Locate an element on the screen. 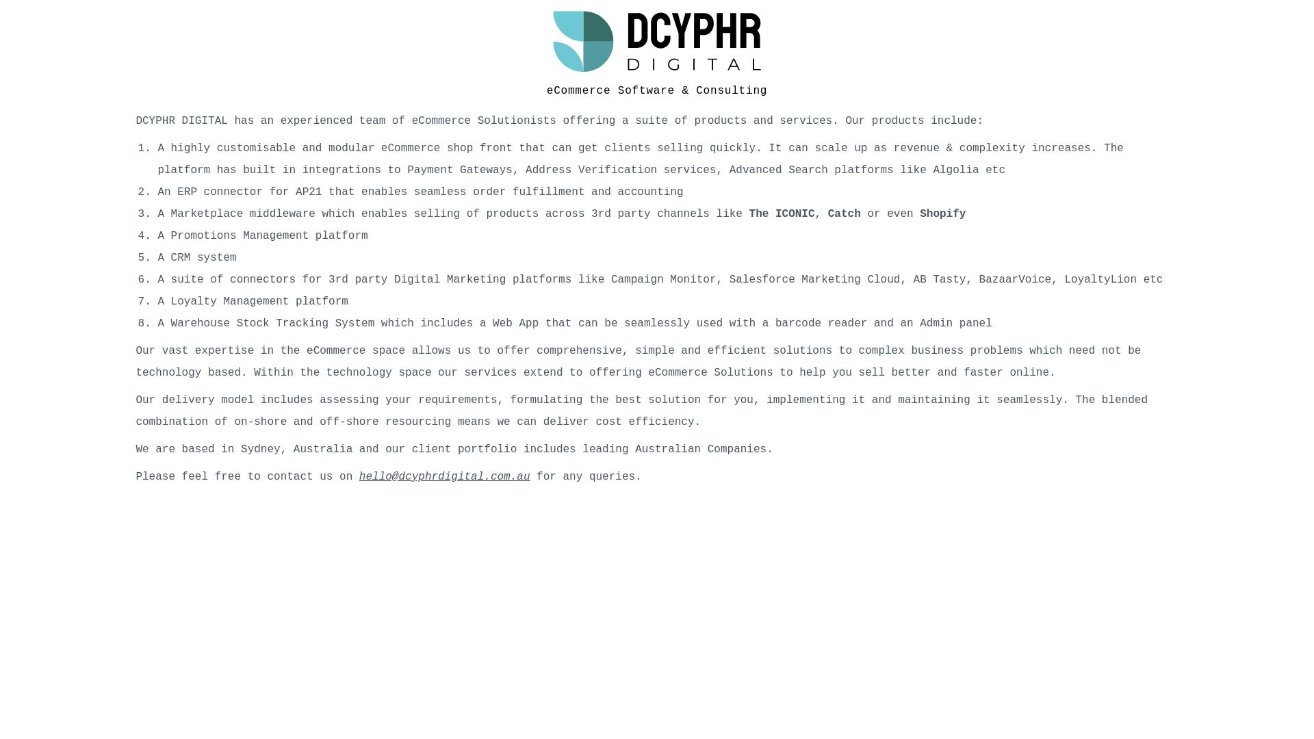  'hello@dcyphrdigital.com.au' is located at coordinates (444, 476).